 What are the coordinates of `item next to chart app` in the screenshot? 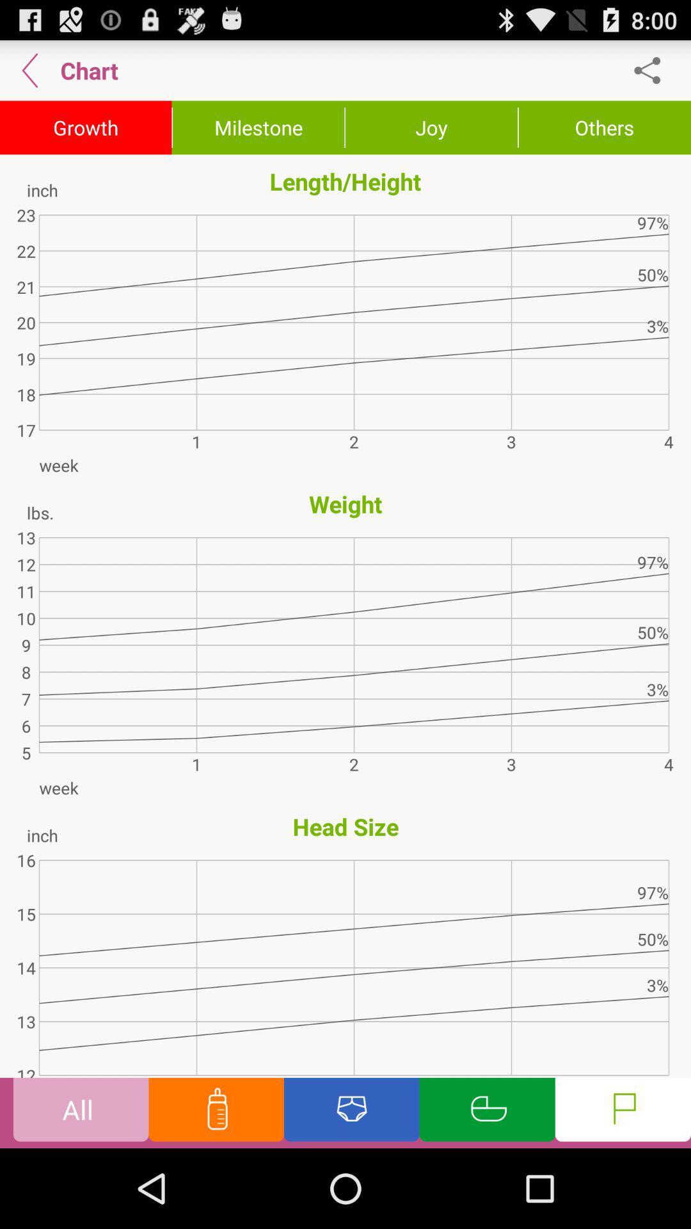 It's located at (29, 70).